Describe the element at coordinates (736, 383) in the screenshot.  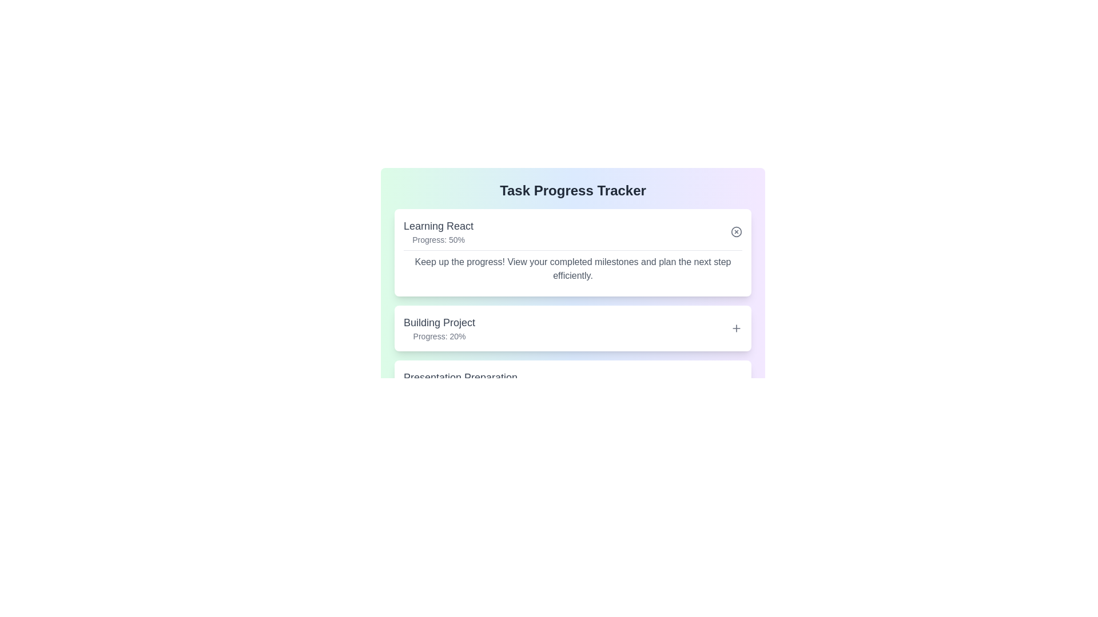
I see `toggle button for the task titled 'Presentation Preparation' to expand or collapse its details` at that location.